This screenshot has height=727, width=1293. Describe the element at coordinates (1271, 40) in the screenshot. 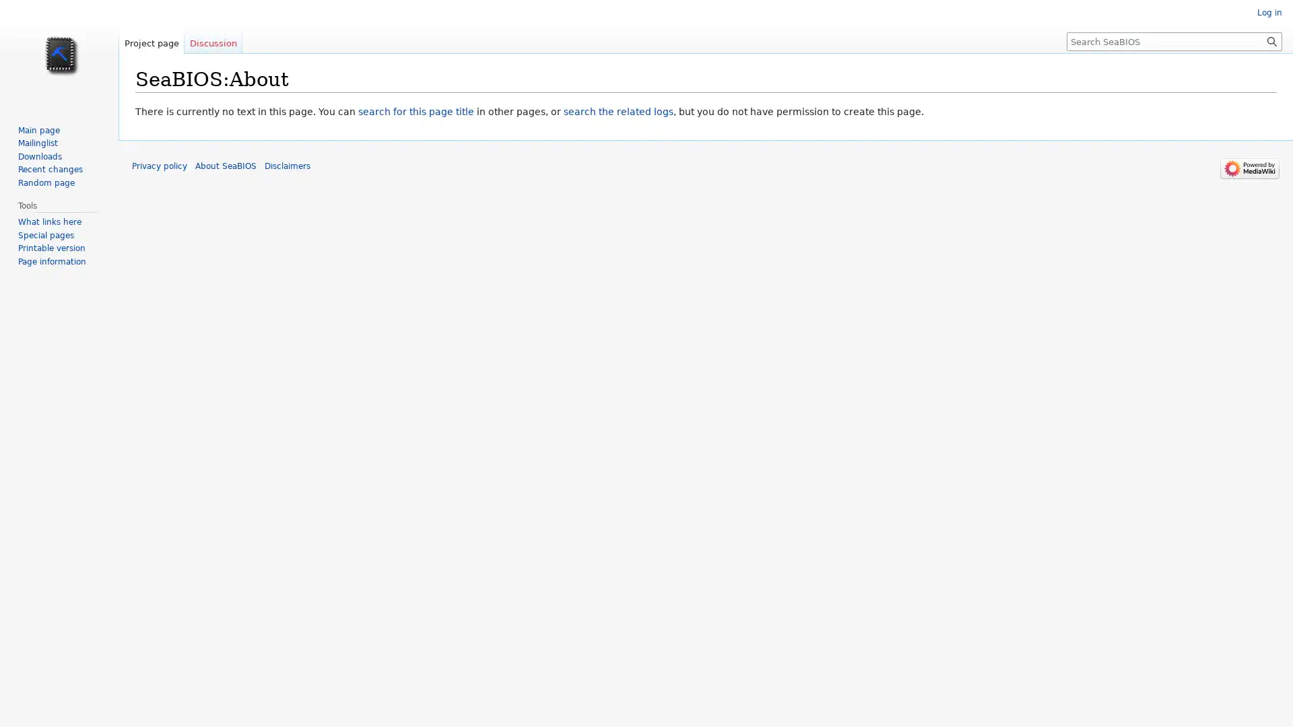

I see `Go` at that location.